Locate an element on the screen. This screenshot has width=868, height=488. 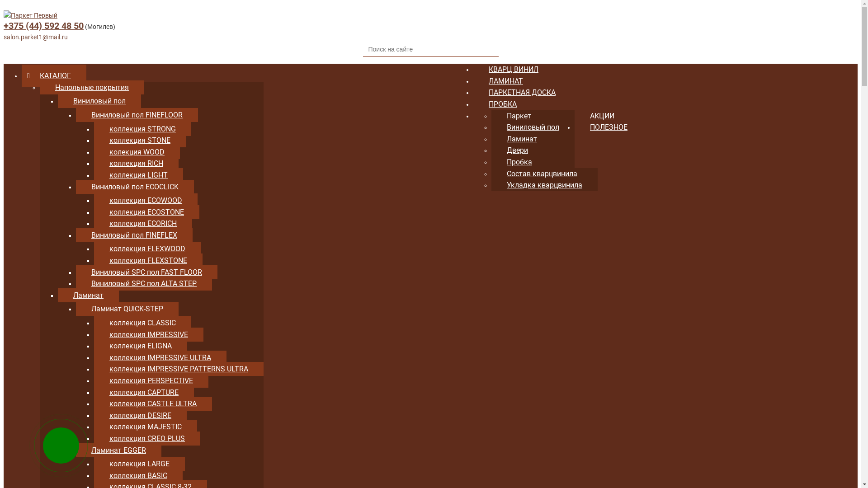
'+375 (44) 592 48 50' is located at coordinates (43, 25).